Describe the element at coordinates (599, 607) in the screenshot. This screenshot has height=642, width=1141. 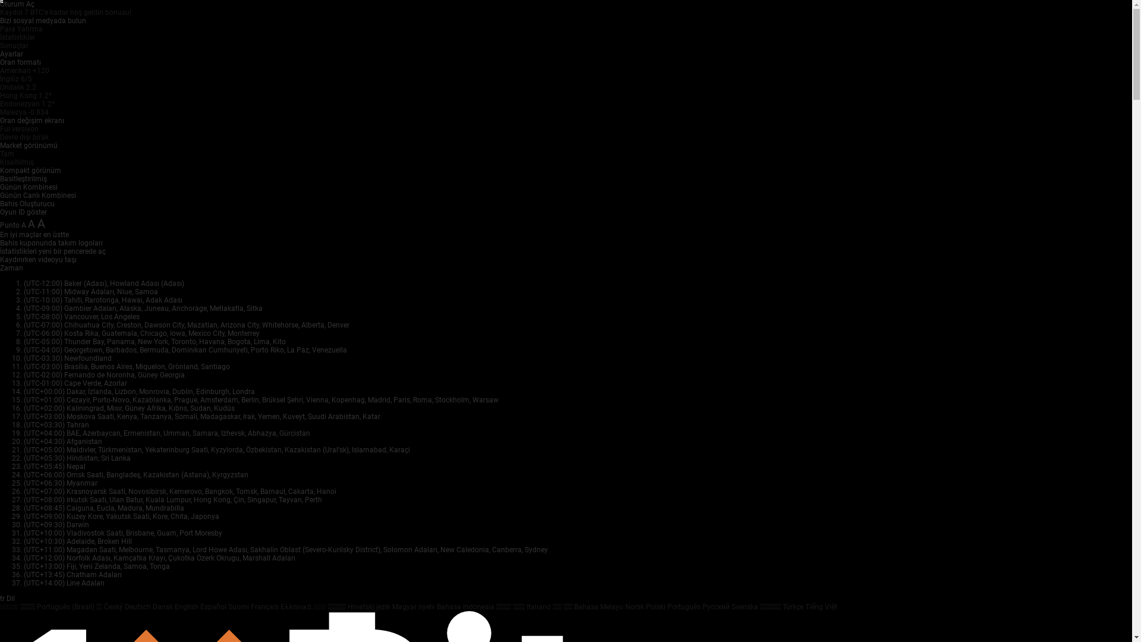
I see `'Bahasa Melayu'` at that location.